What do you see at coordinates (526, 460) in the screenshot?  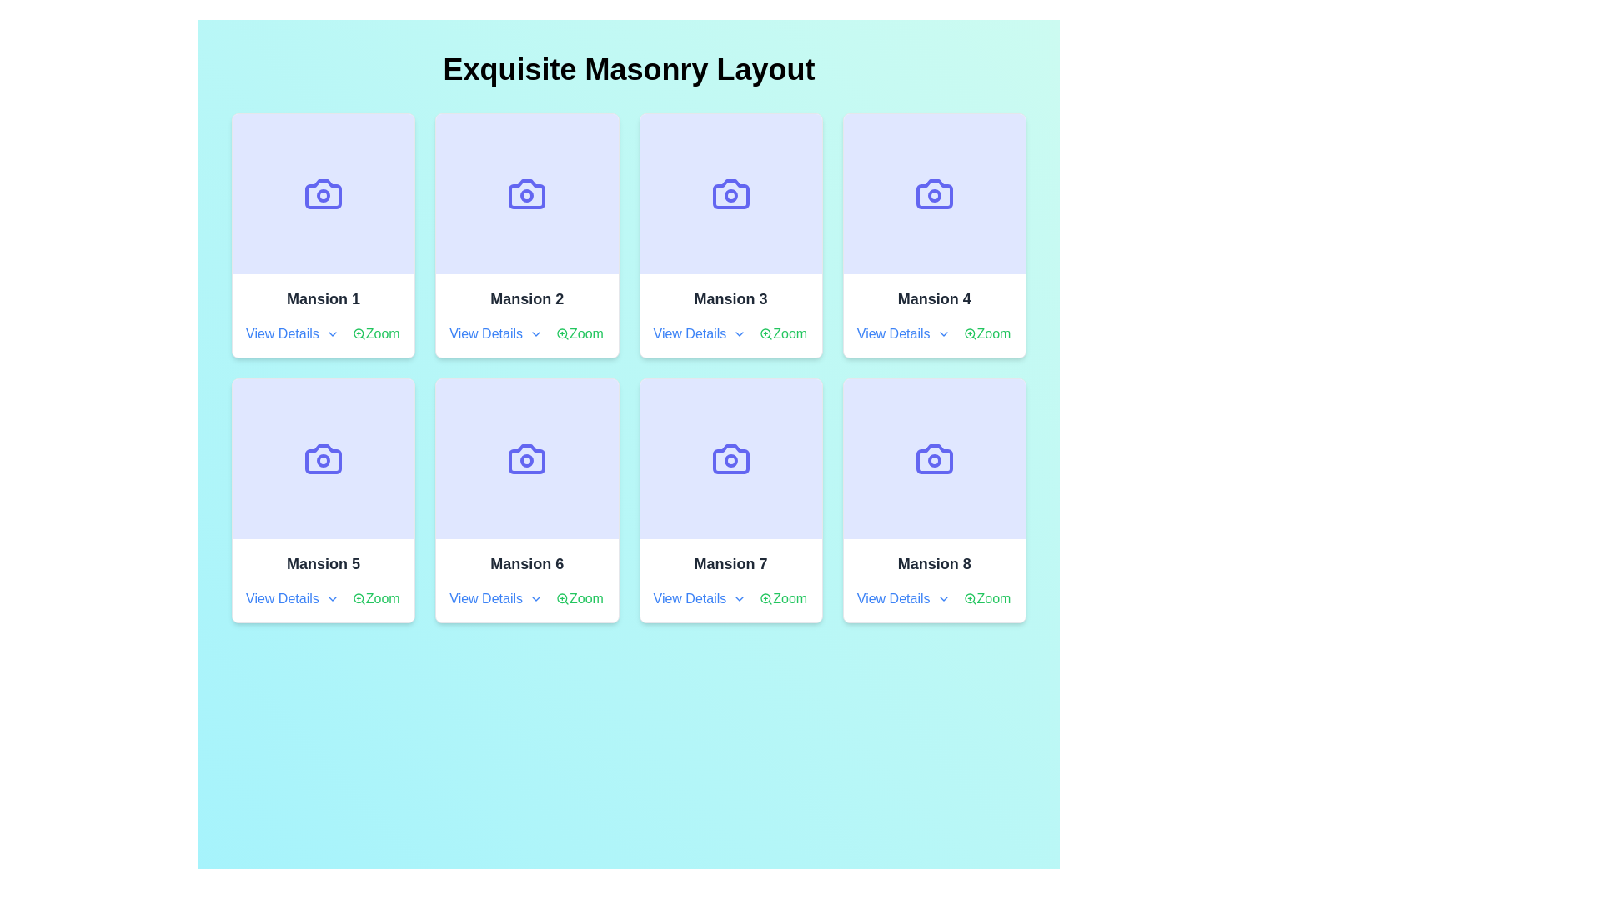 I see `the small circle graphic element at the center of the camera icon within the 'Mansion 6' card` at bounding box center [526, 460].